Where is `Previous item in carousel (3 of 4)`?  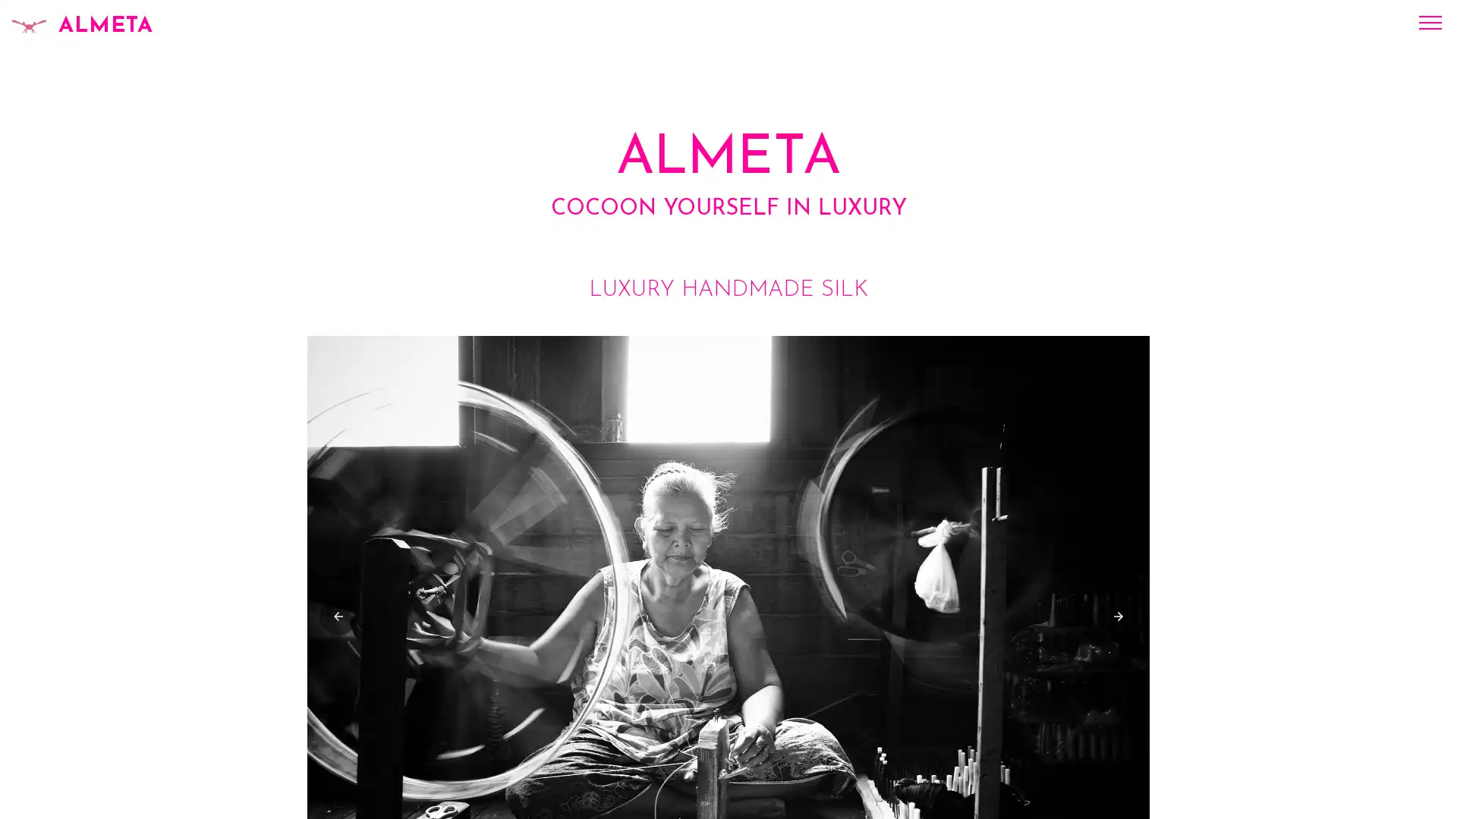 Previous item in carousel (3 of 4) is located at coordinates (338, 616).